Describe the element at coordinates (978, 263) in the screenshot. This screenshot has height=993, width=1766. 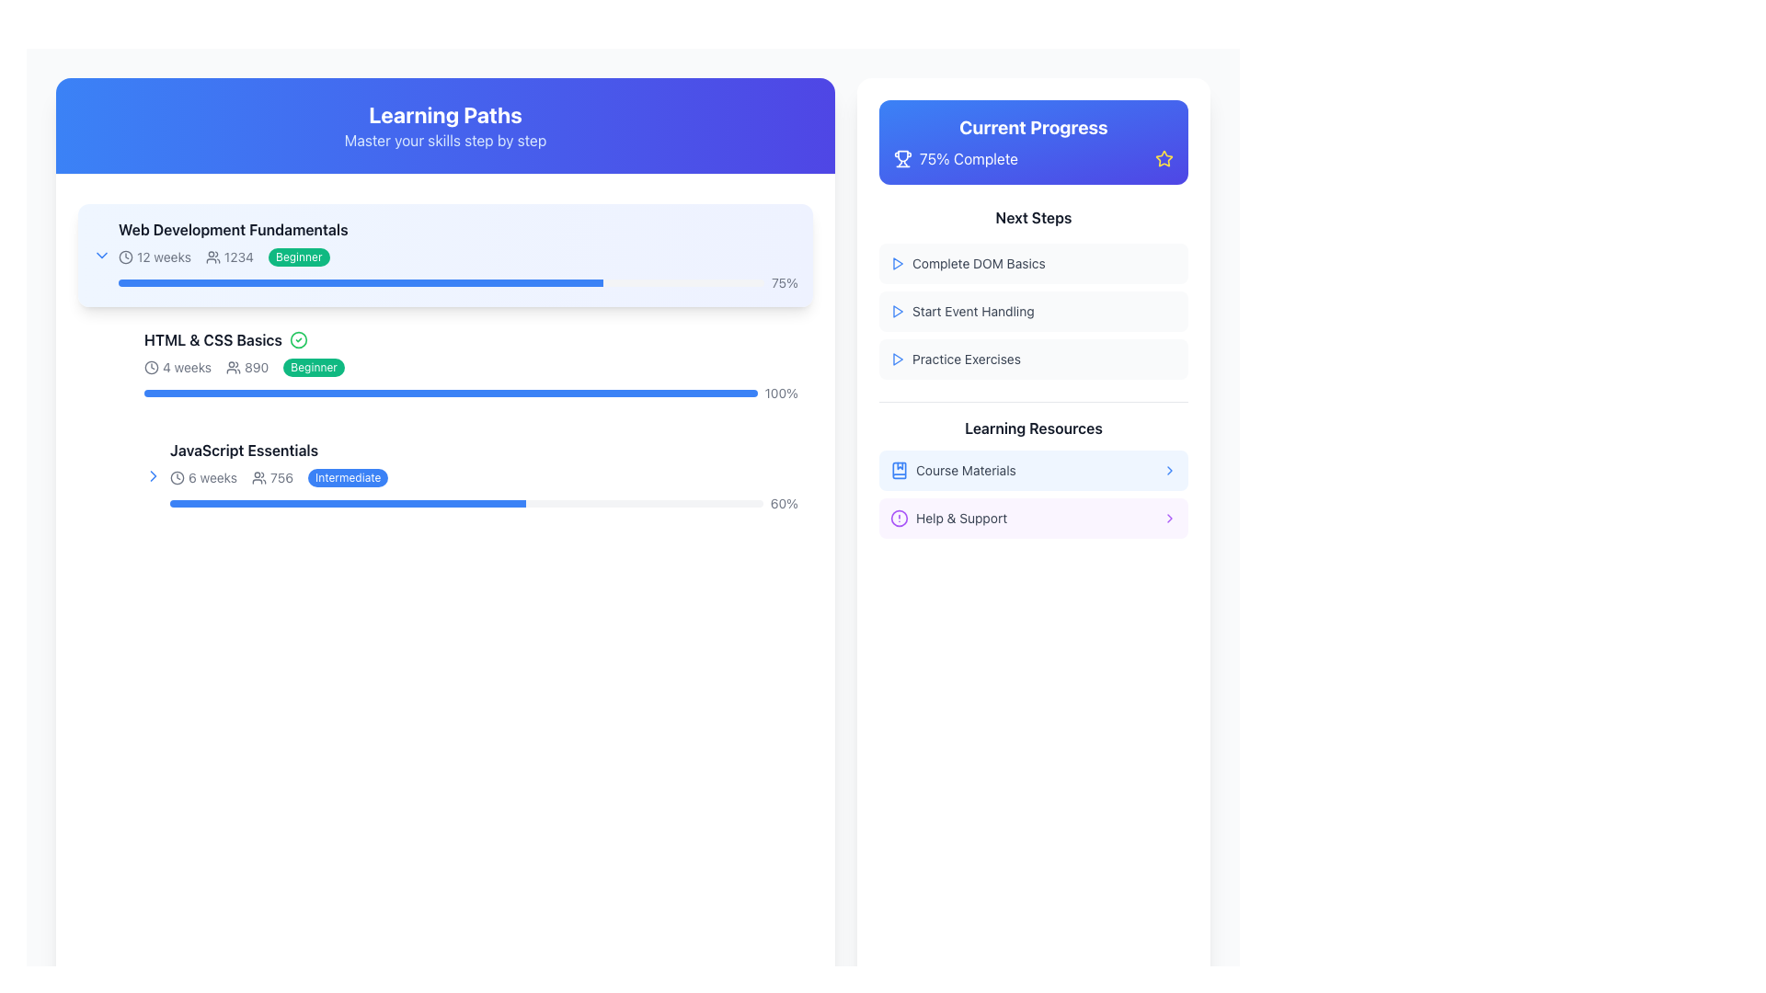
I see `the text label displaying 'Complete DOM Basics' located in the 'Next Steps' section of the 'Current Progress' panel, which is horizontally centered and has a small blue play icon to its left` at that location.